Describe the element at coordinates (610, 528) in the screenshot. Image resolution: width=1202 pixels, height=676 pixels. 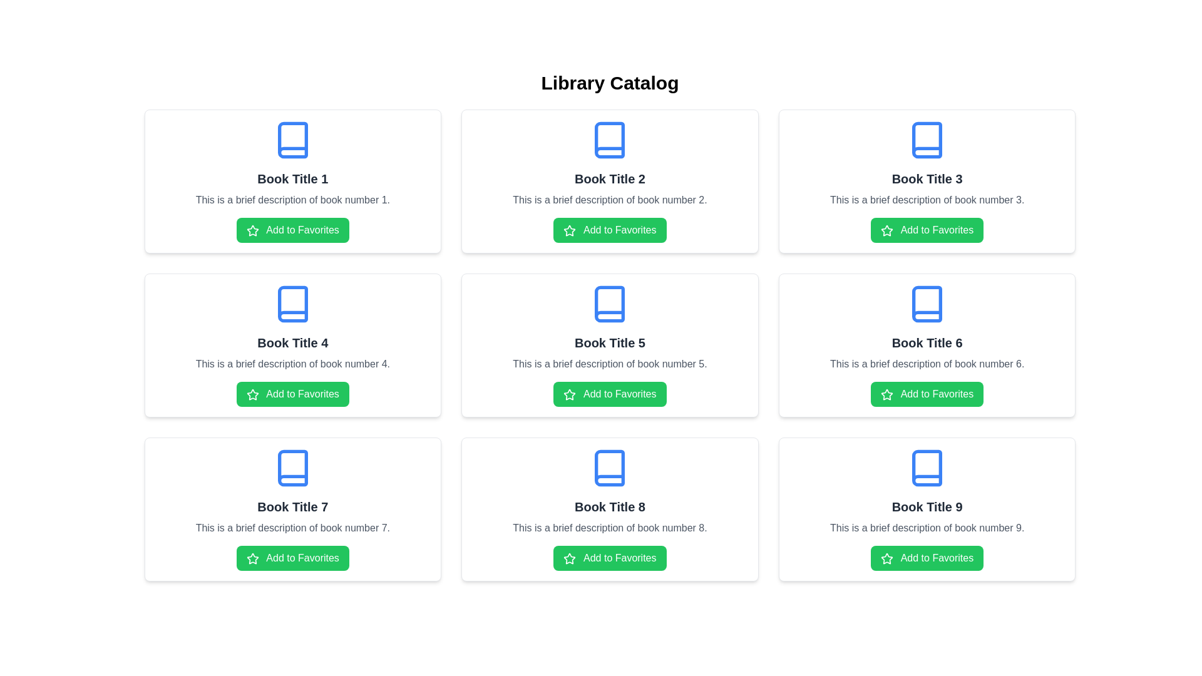
I see `the text paragraph displaying 'This is a brief description of book number 8.' which is located between the title 'Book Title 8' and the button 'Add to Favorites.'` at that location.